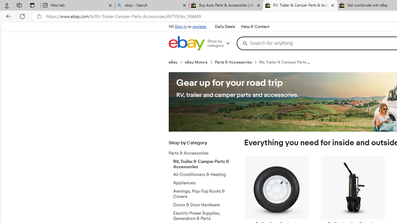  Describe the element at coordinates (300, 5) in the screenshot. I see `'RV, Trailer & Camper Parts & Accessories for sale | eBay'` at that location.